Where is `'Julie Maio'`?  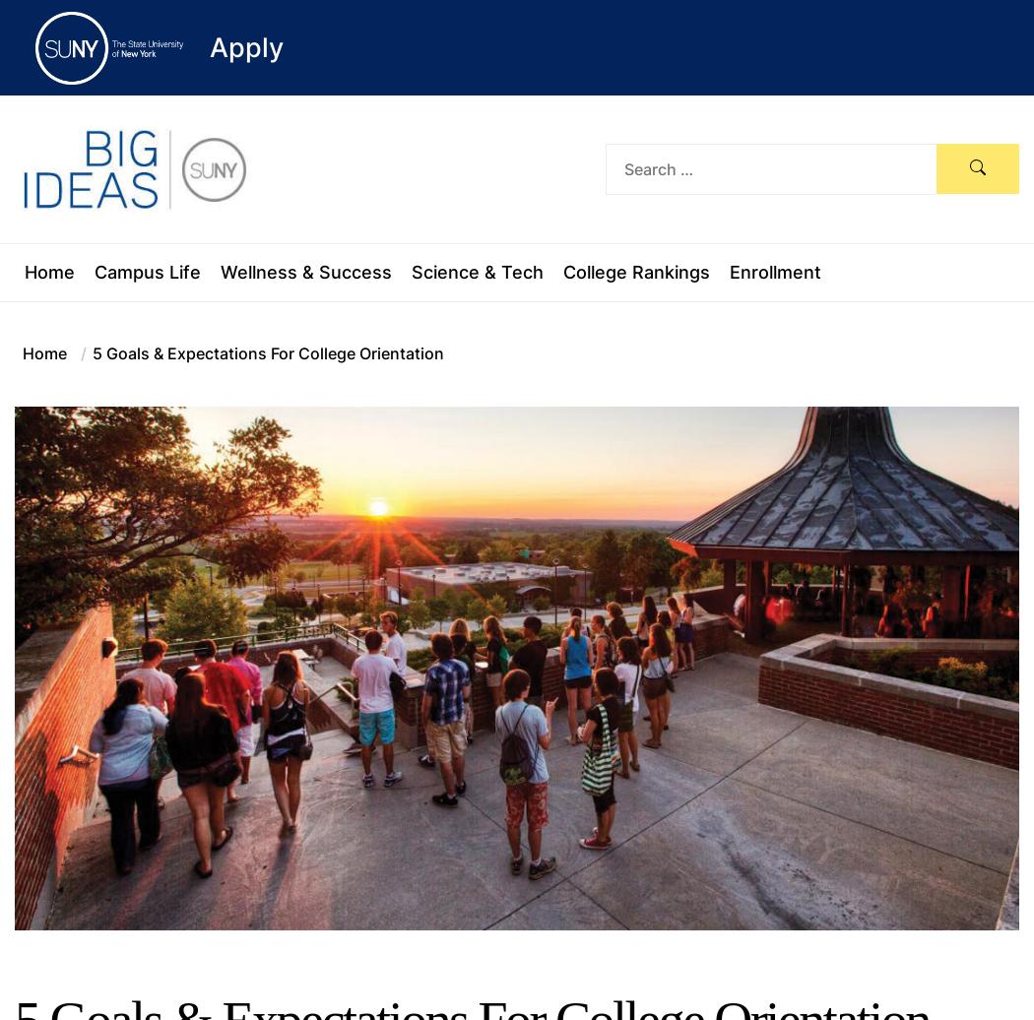
'Julie Maio' is located at coordinates (523, 1001).